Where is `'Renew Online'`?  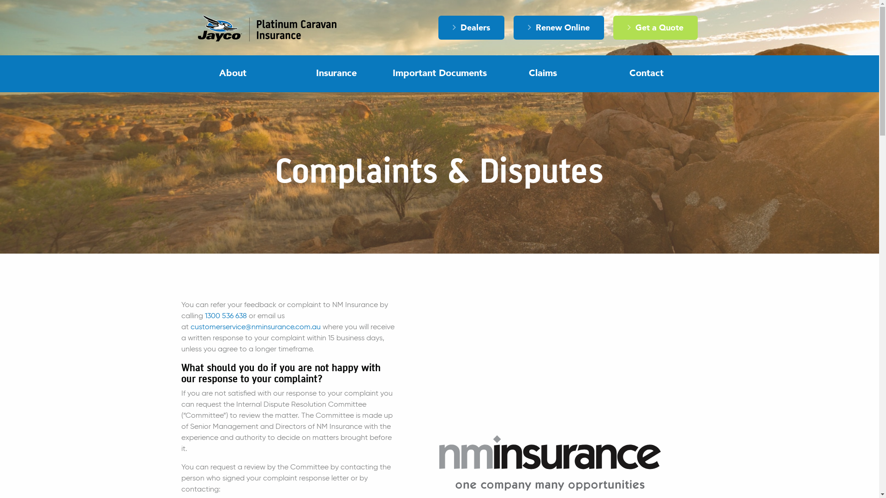
'Renew Online' is located at coordinates (558, 27).